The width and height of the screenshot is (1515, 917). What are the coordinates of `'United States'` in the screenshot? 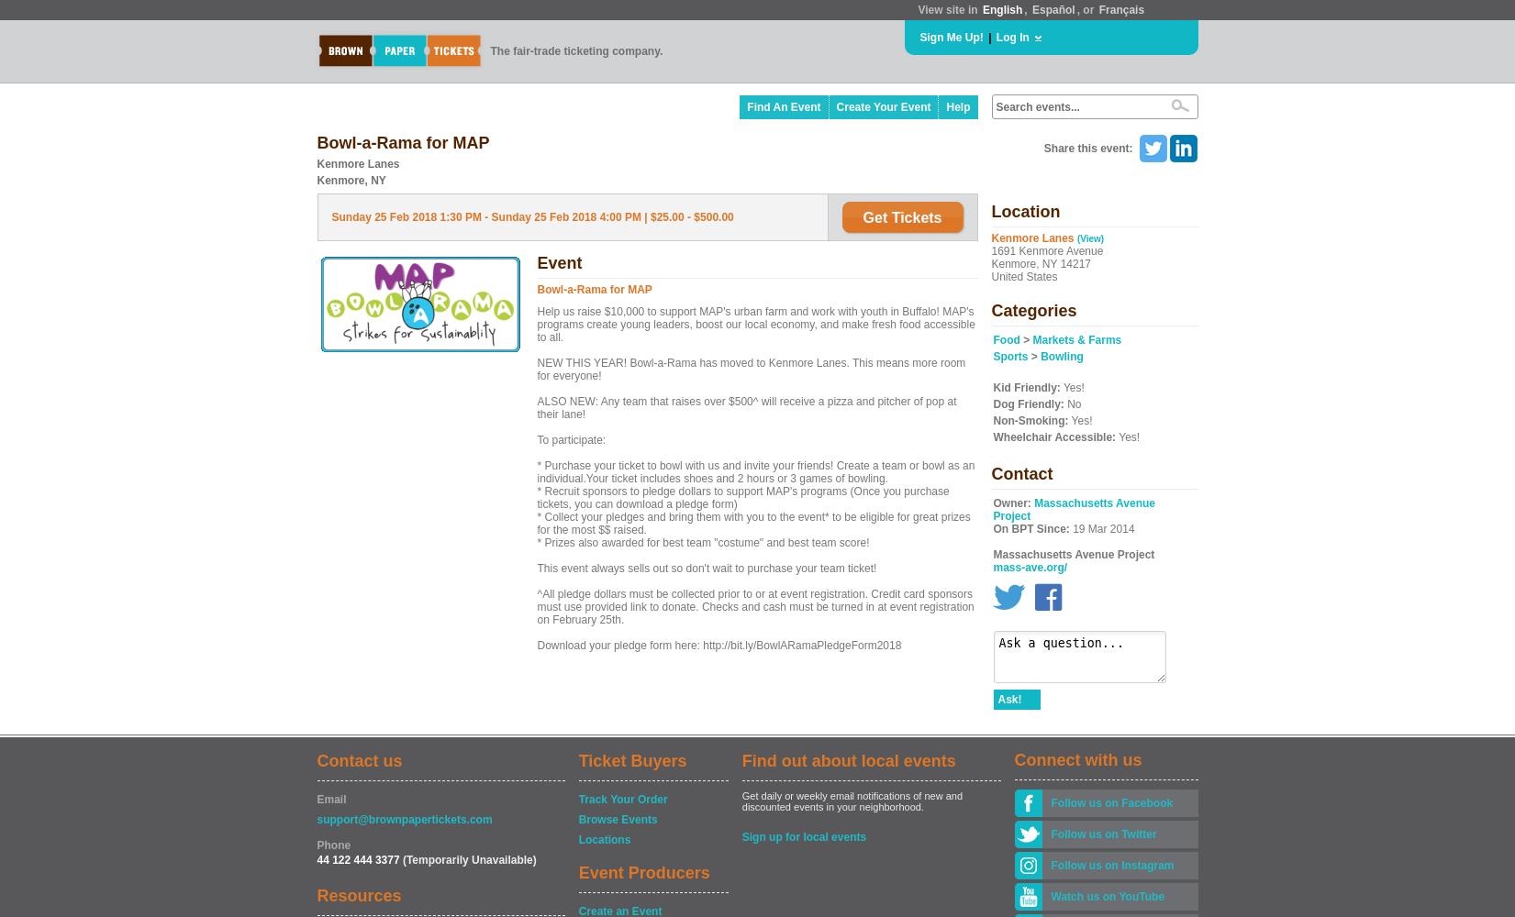 It's located at (989, 277).